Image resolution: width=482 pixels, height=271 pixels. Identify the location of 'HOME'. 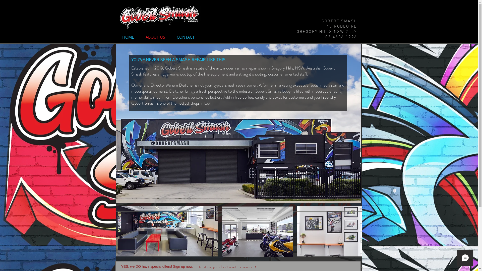
(128, 37).